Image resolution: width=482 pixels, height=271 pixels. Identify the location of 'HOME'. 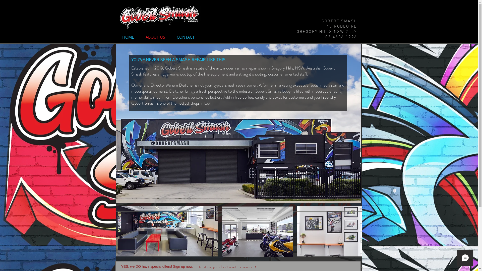
(128, 37).